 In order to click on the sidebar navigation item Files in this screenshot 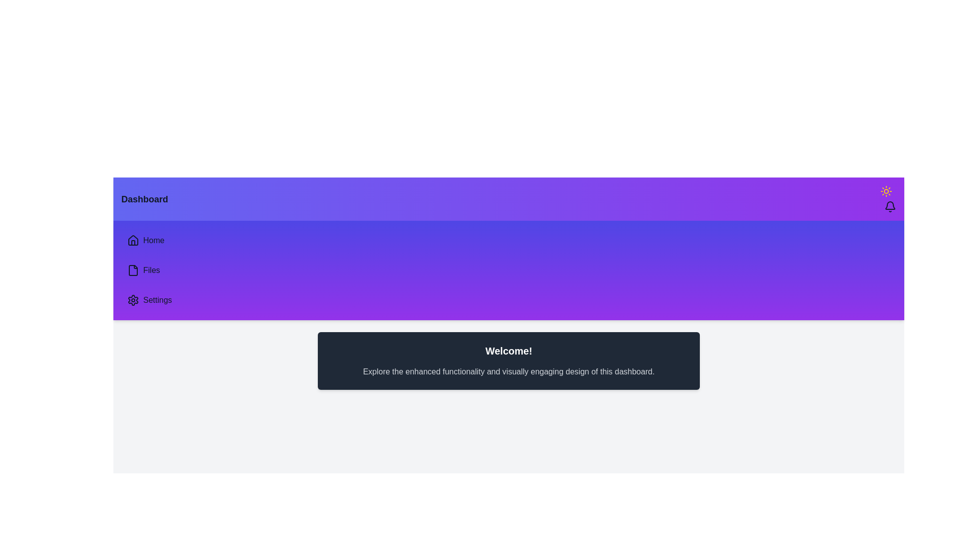, I will do `click(121, 270)`.